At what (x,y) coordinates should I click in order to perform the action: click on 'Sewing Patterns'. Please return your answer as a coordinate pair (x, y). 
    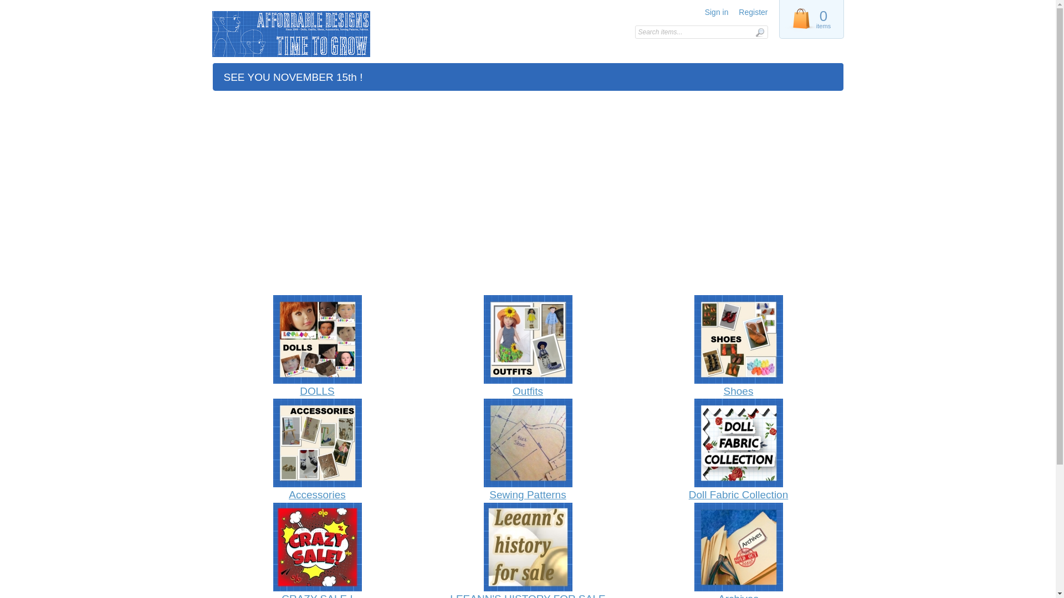
    Looking at the image, I should click on (526, 450).